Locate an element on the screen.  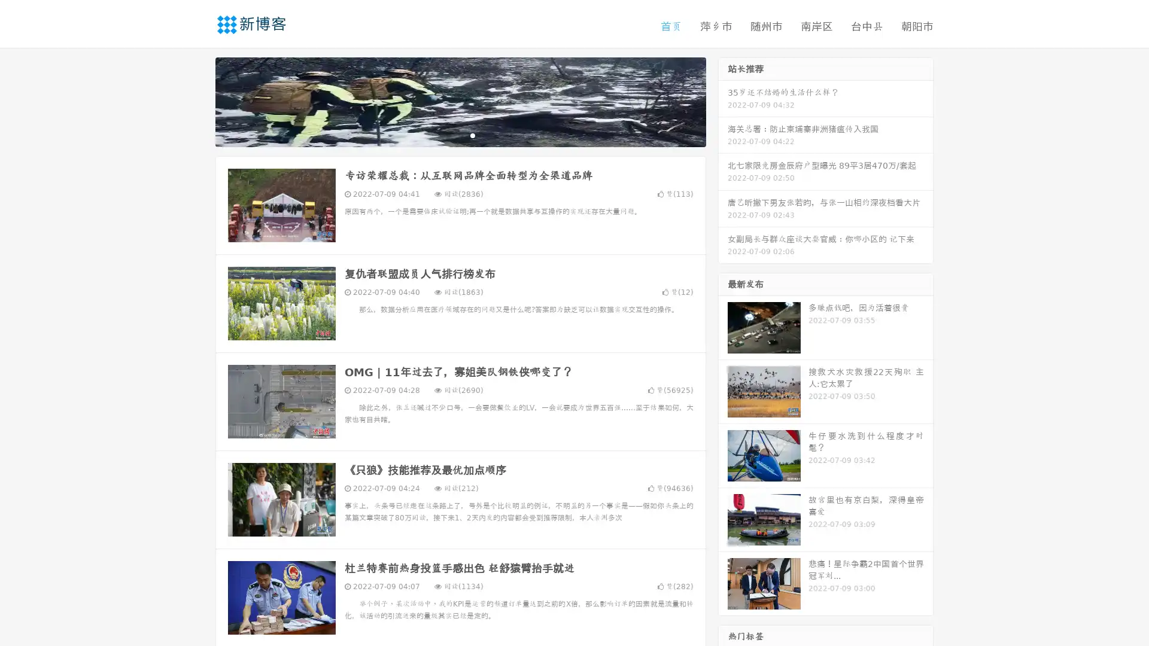
Go to slide 2 is located at coordinates (460, 135).